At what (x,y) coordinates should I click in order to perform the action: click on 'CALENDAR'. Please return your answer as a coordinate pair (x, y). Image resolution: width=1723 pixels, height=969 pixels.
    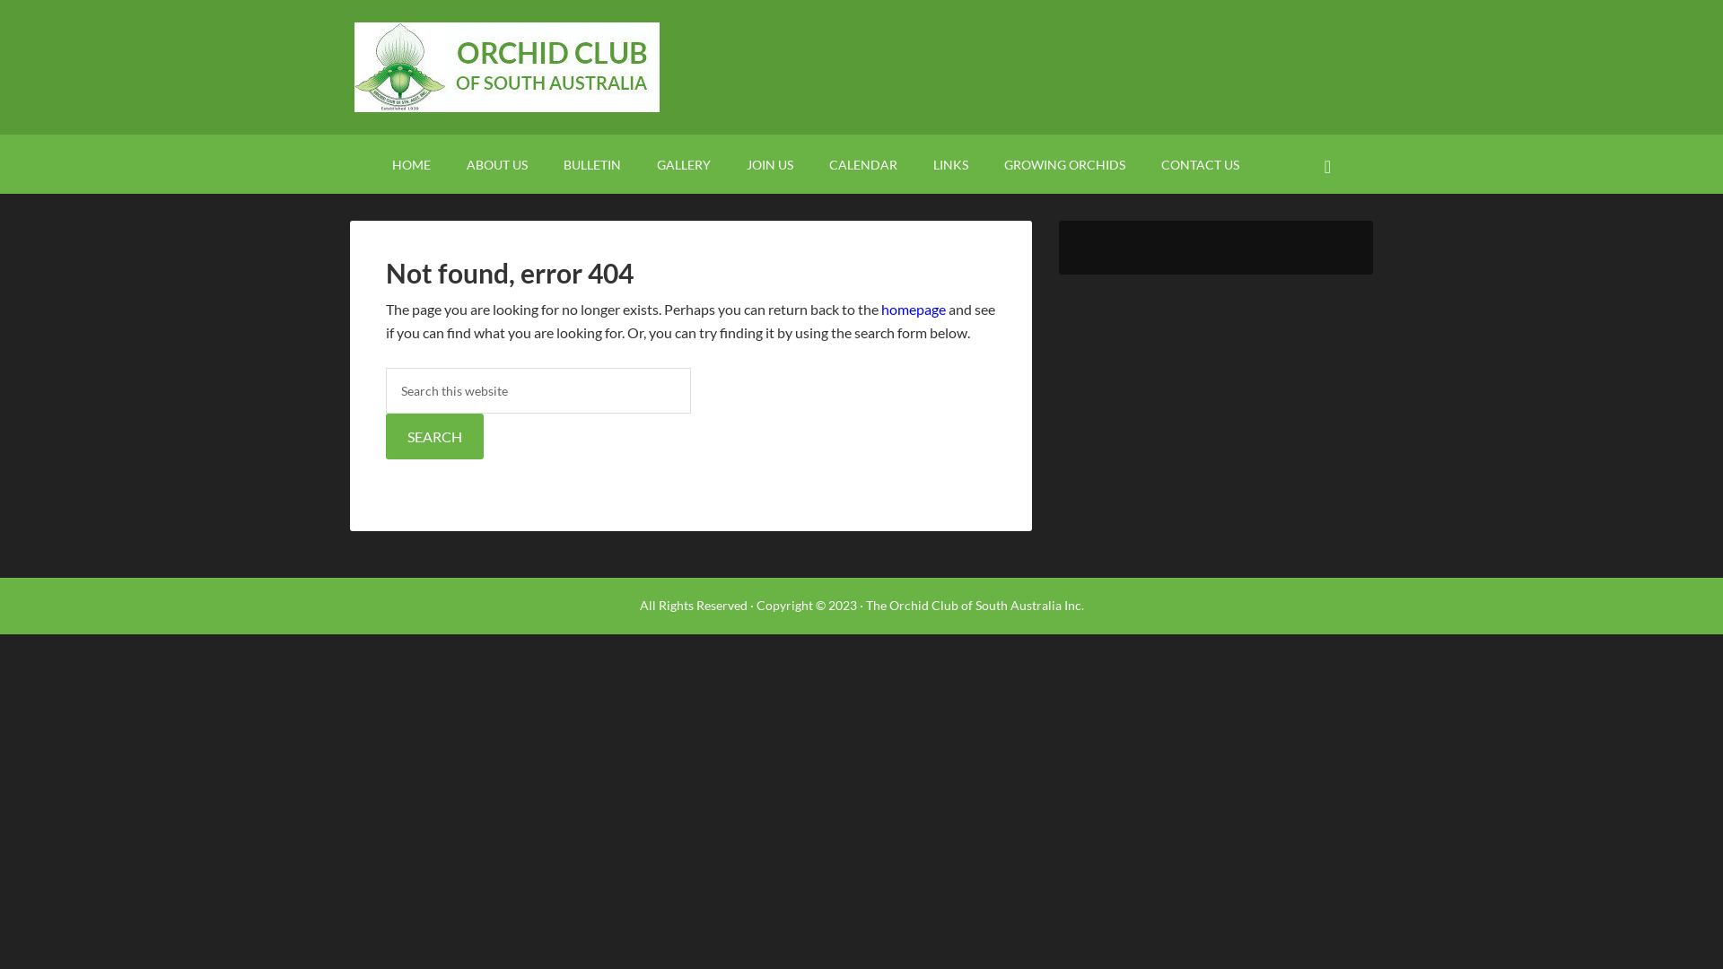
    Looking at the image, I should click on (862, 163).